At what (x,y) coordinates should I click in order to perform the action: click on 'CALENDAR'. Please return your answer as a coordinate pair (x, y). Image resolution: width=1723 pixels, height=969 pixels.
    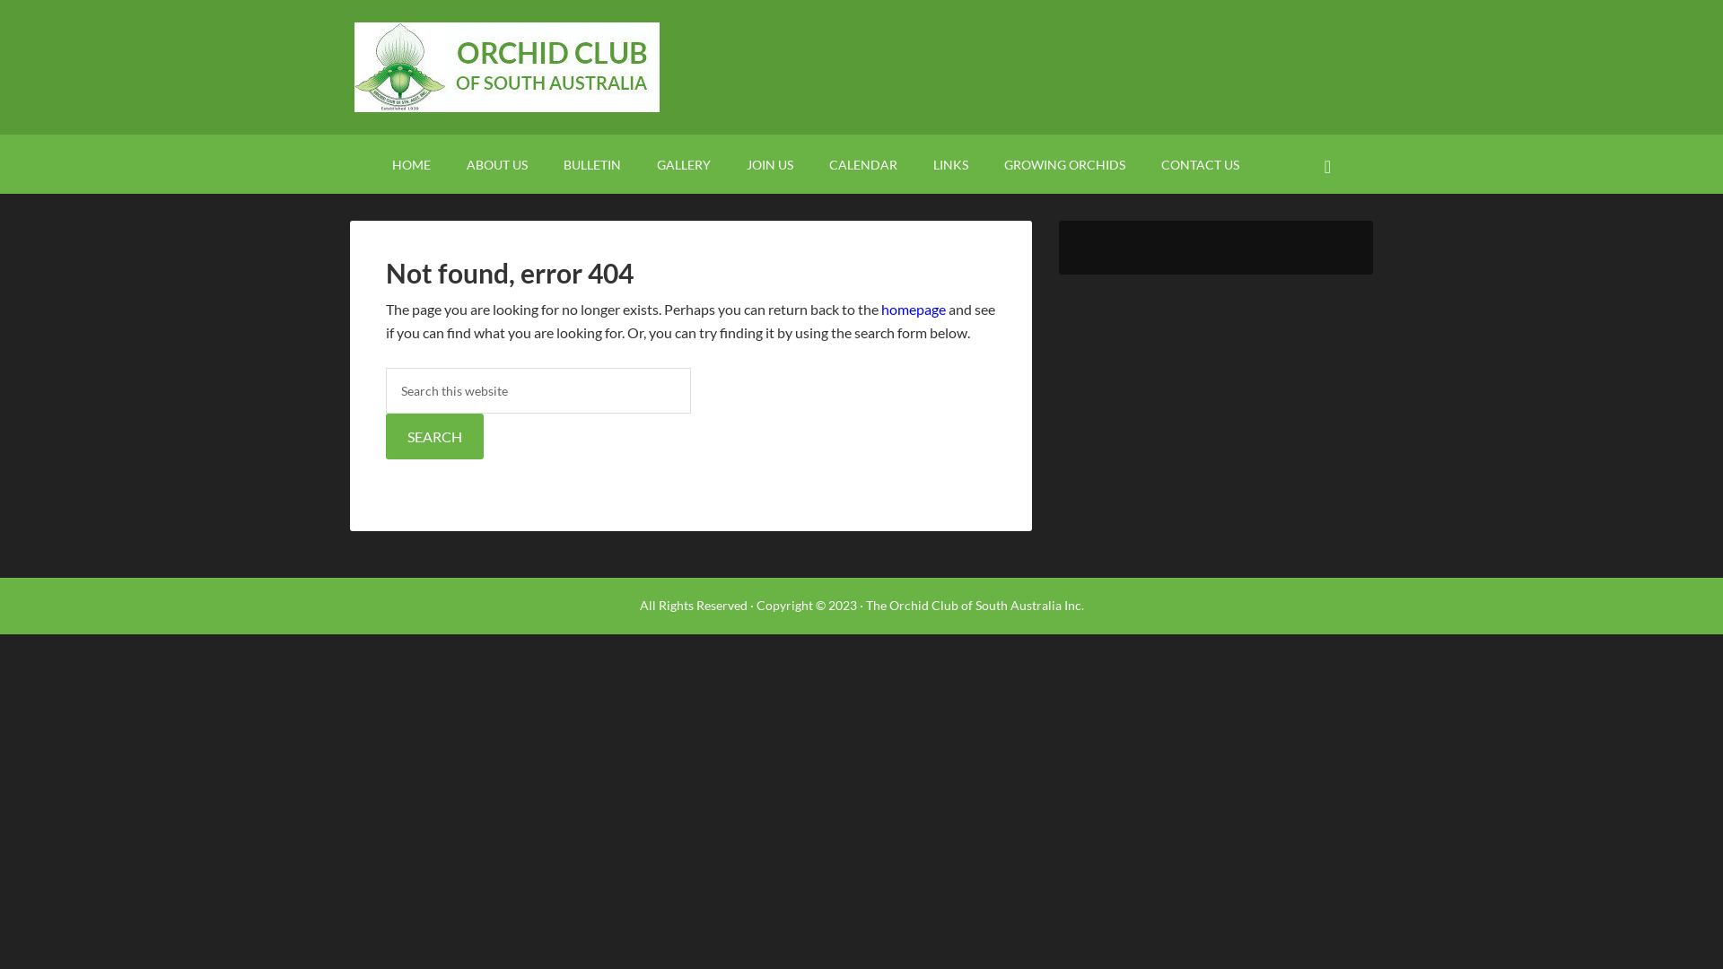
    Looking at the image, I should click on (862, 163).